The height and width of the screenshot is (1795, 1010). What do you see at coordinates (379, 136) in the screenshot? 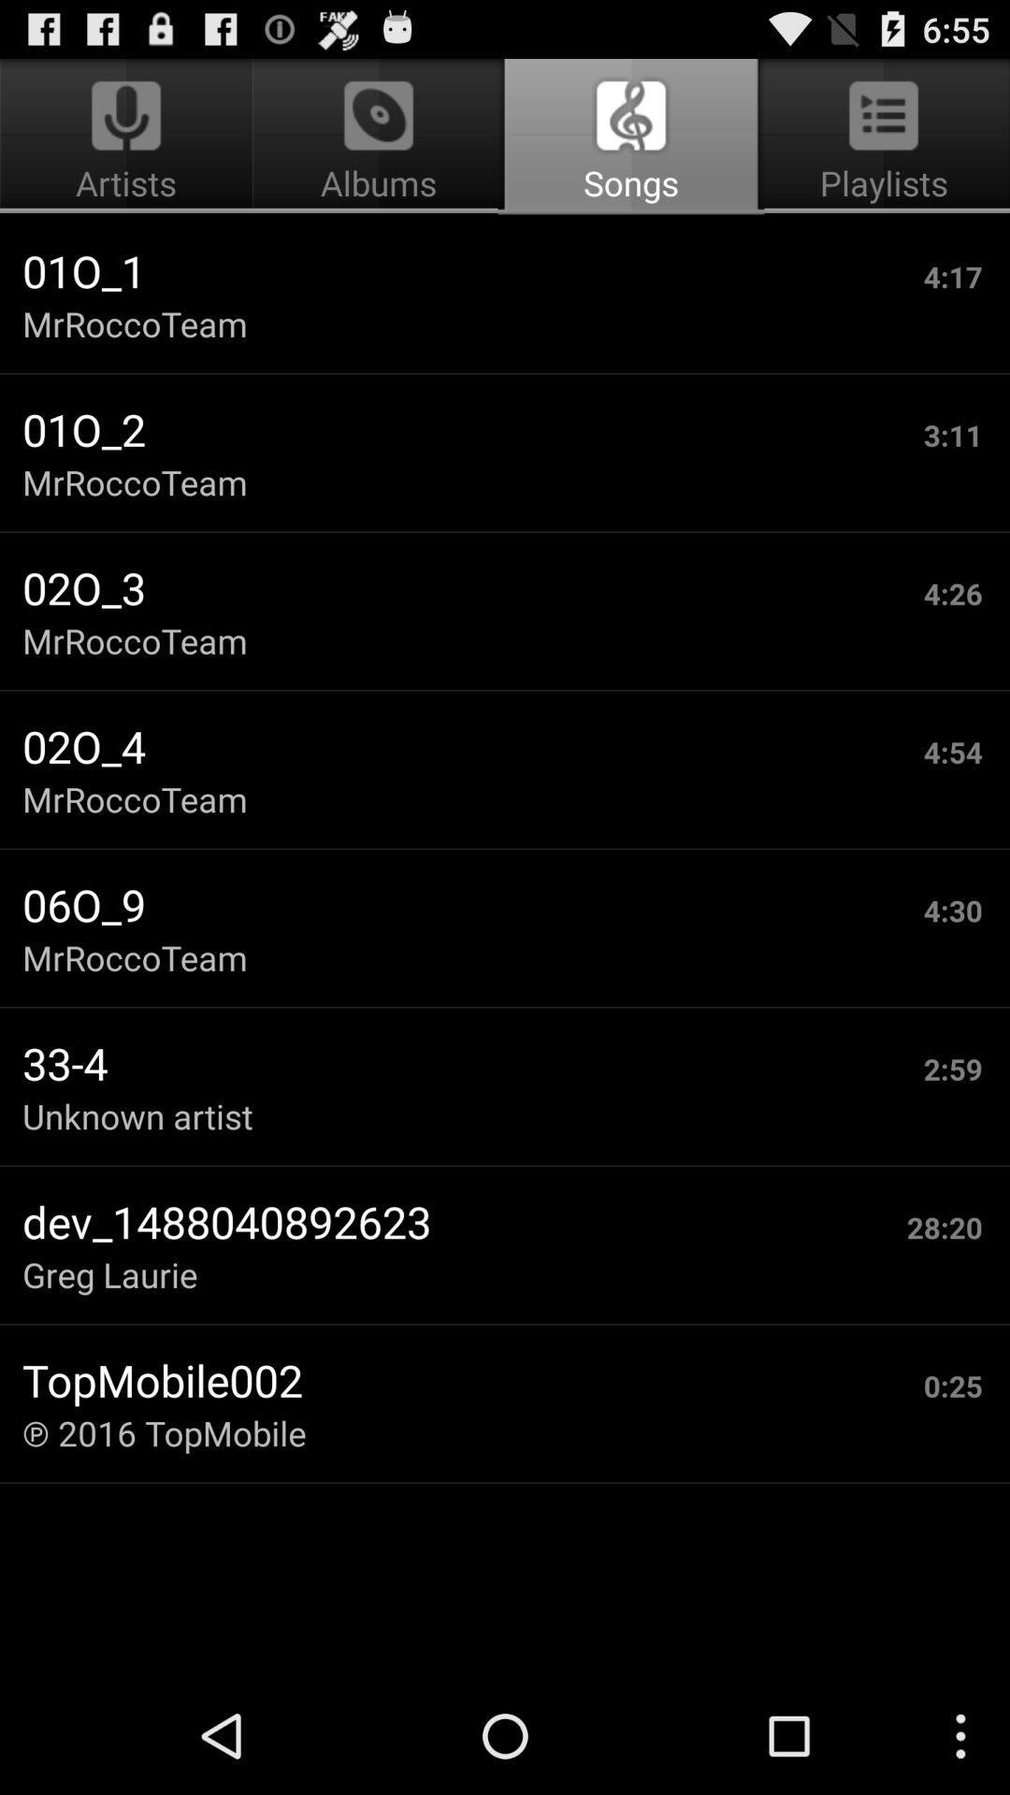
I see `the item next to playlists item` at bounding box center [379, 136].